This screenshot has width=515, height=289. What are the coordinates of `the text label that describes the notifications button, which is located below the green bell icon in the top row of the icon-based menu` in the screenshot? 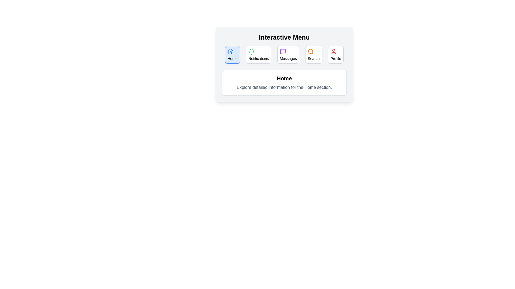 It's located at (259, 59).